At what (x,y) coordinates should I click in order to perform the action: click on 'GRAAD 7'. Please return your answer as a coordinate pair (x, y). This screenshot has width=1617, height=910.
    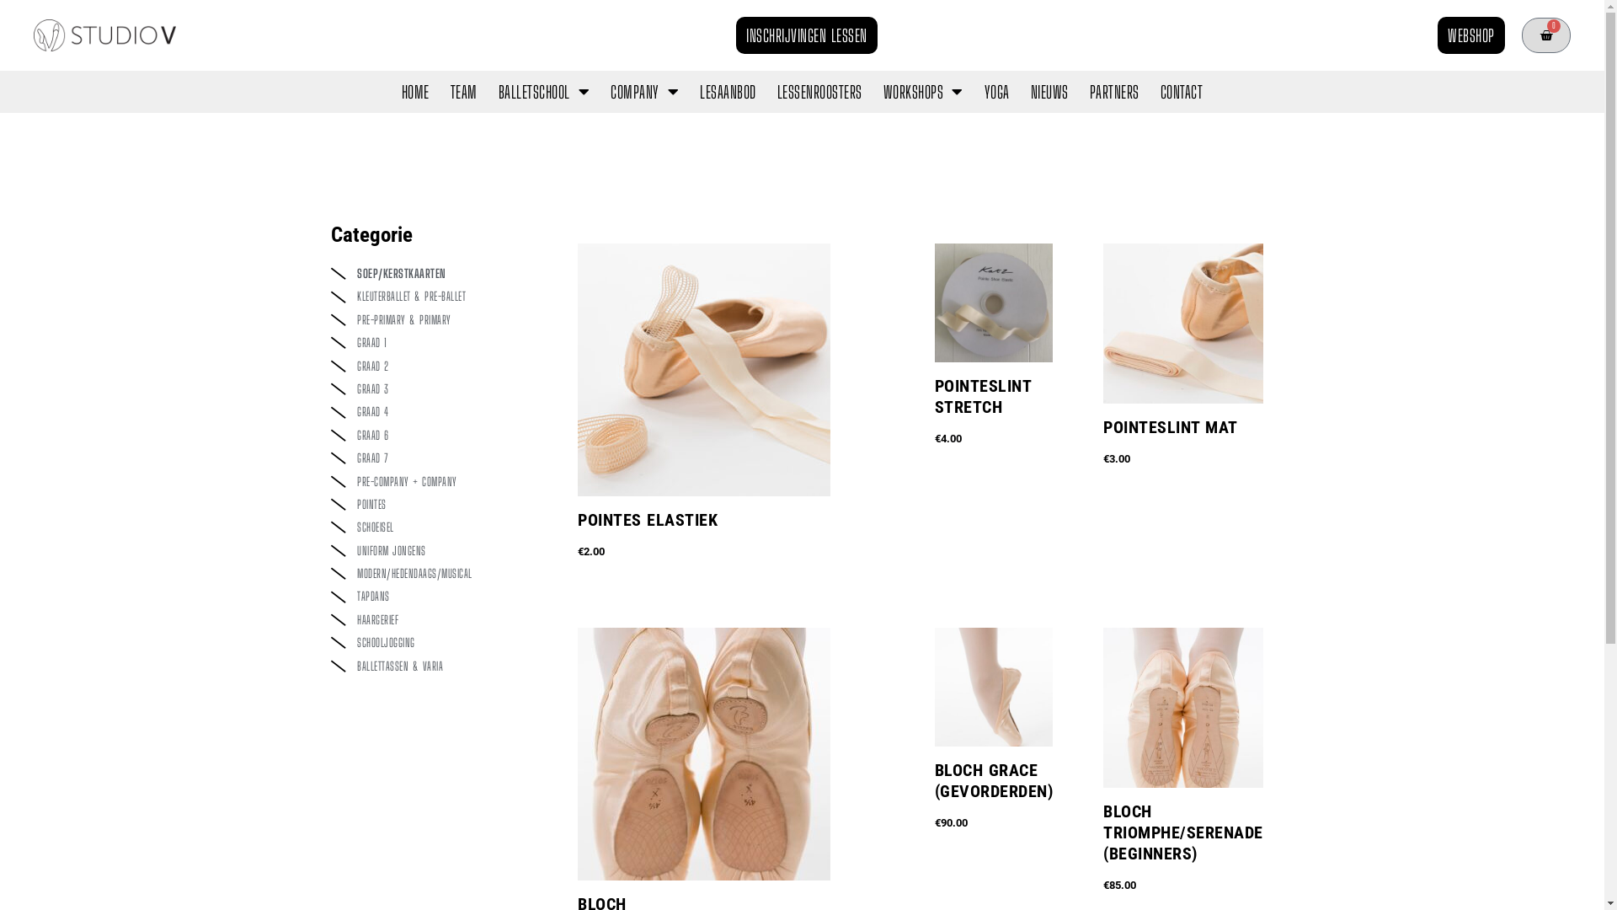
    Looking at the image, I should click on (436, 458).